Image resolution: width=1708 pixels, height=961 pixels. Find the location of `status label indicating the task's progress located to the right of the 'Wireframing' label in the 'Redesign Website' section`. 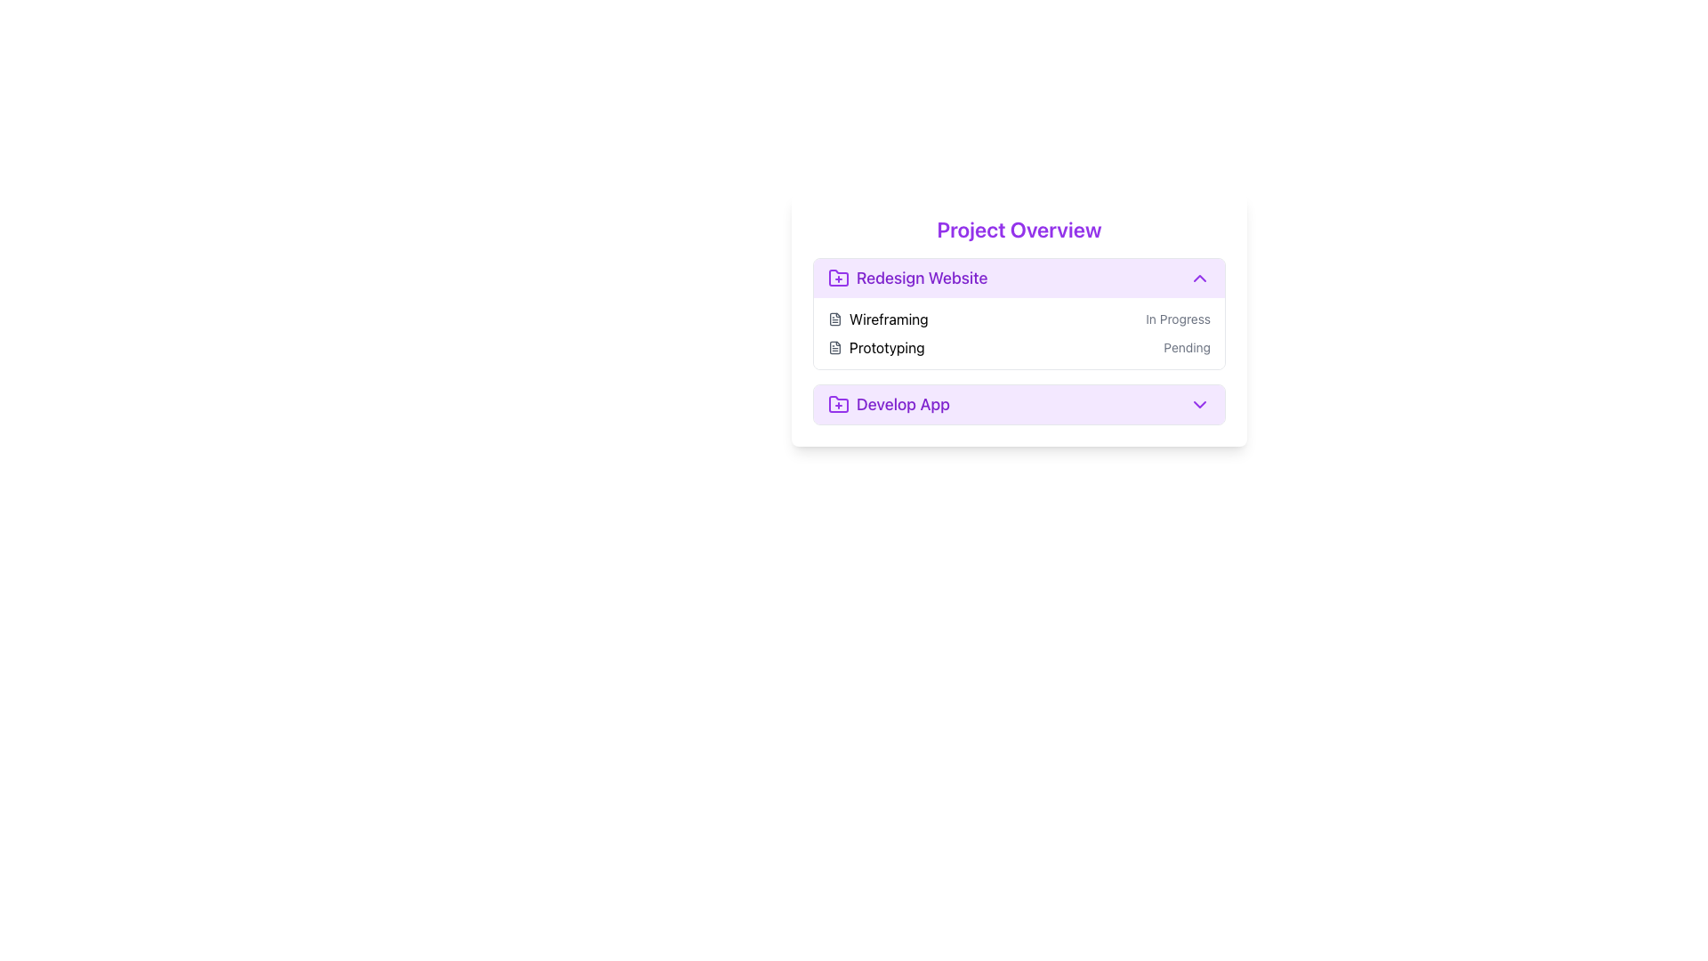

status label indicating the task's progress located to the right of the 'Wireframing' label in the 'Redesign Website' section is located at coordinates (1178, 318).